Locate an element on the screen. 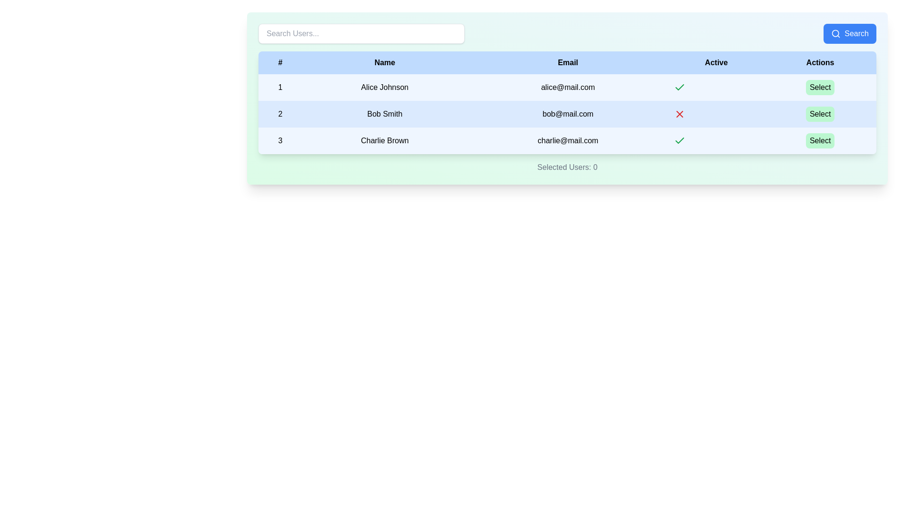 This screenshot has width=914, height=514. the inactive status icon in the 'Active' column of the second row, which corresponds to the 'bob@mail.com' email in the 'Email' column is located at coordinates (679, 113).